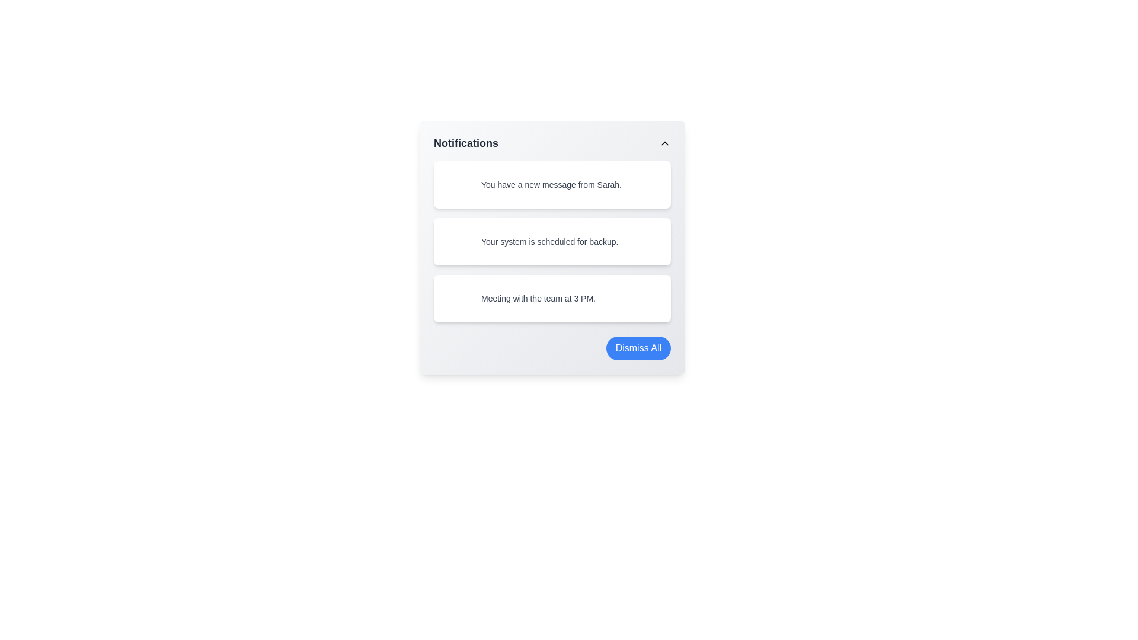 The image size is (1138, 640). Describe the element at coordinates (665, 143) in the screenshot. I see `the upward-facing chevron icon in the top-right corner of the notifications widget` at that location.